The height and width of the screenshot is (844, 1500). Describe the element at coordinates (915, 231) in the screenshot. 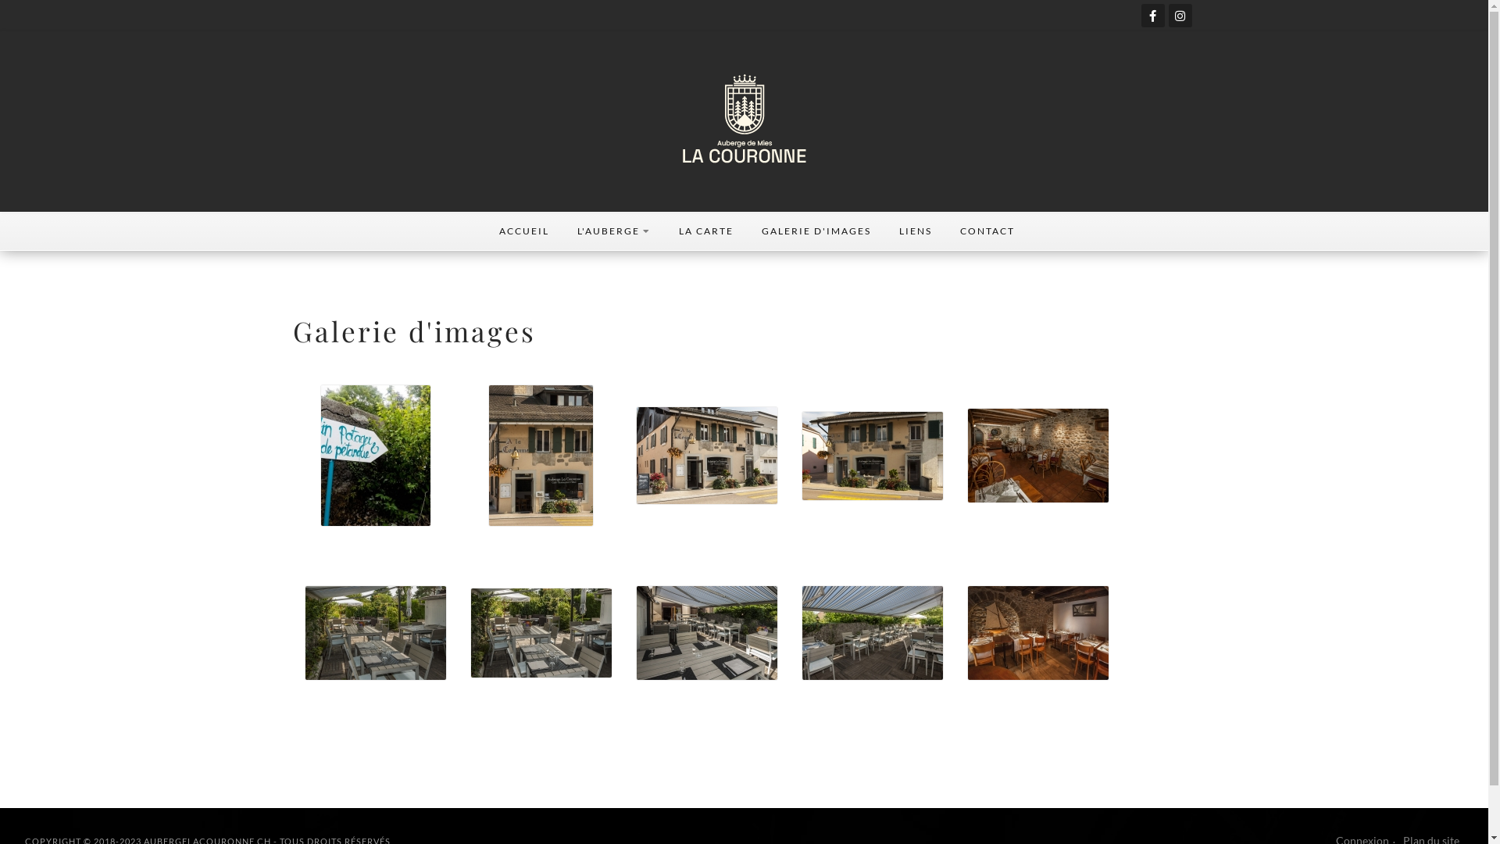

I see `'LIENS'` at that location.